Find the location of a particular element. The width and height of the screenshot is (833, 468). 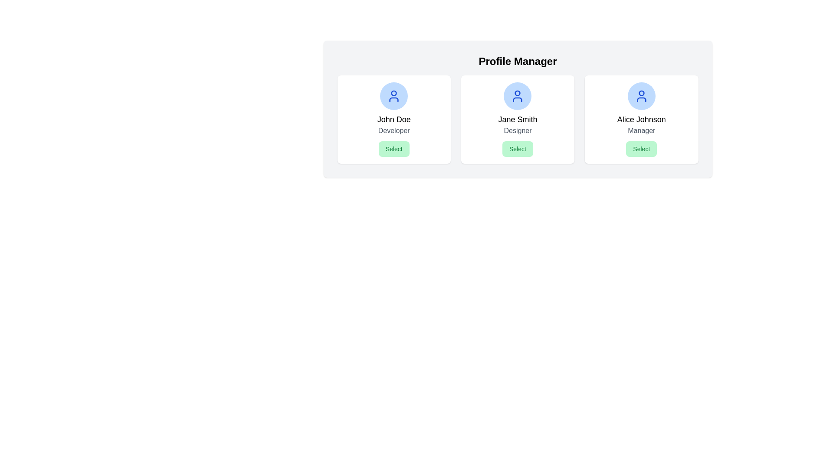

the profile icon representing 'Alice Johnson' located at the top center of her card is located at coordinates (641, 96).